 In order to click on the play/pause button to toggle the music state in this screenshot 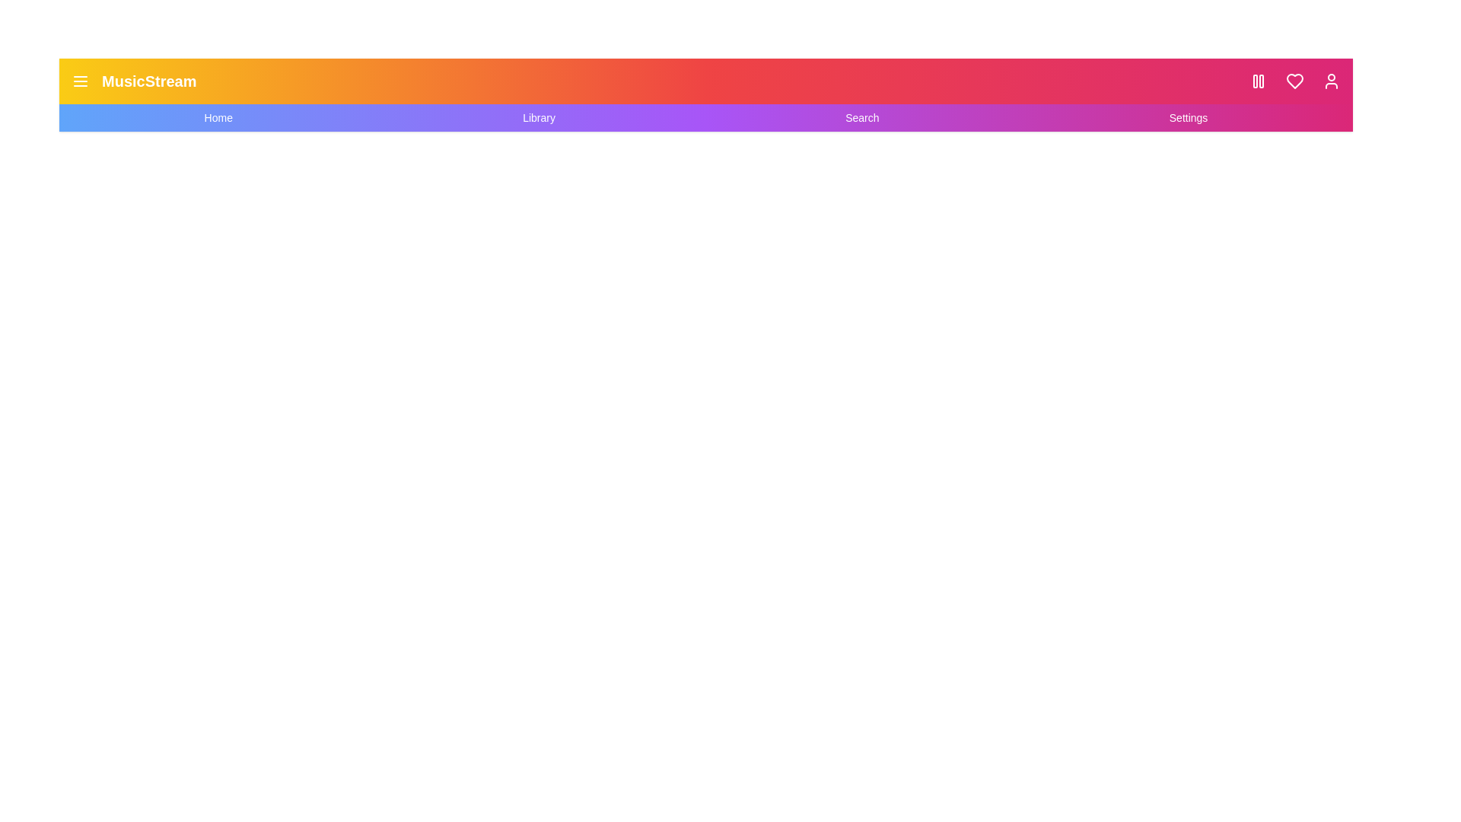, I will do `click(1259, 81)`.